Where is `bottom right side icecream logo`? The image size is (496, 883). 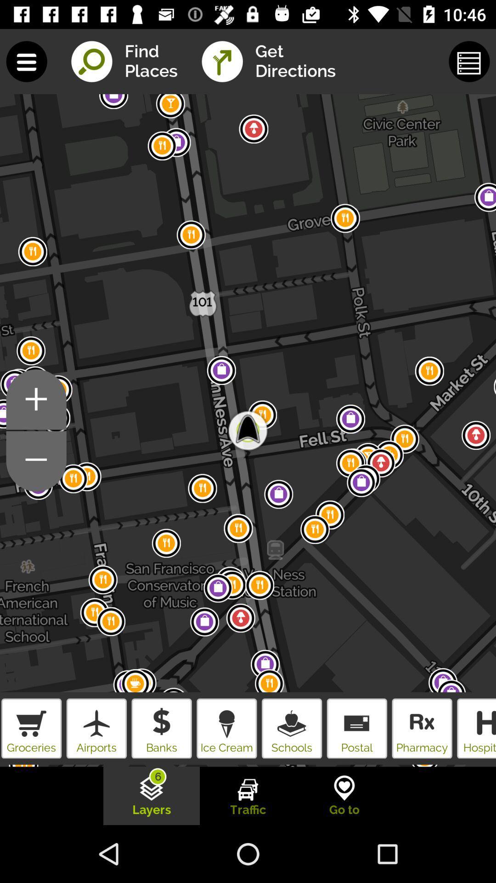
bottom right side icecream logo is located at coordinates (292, 728).